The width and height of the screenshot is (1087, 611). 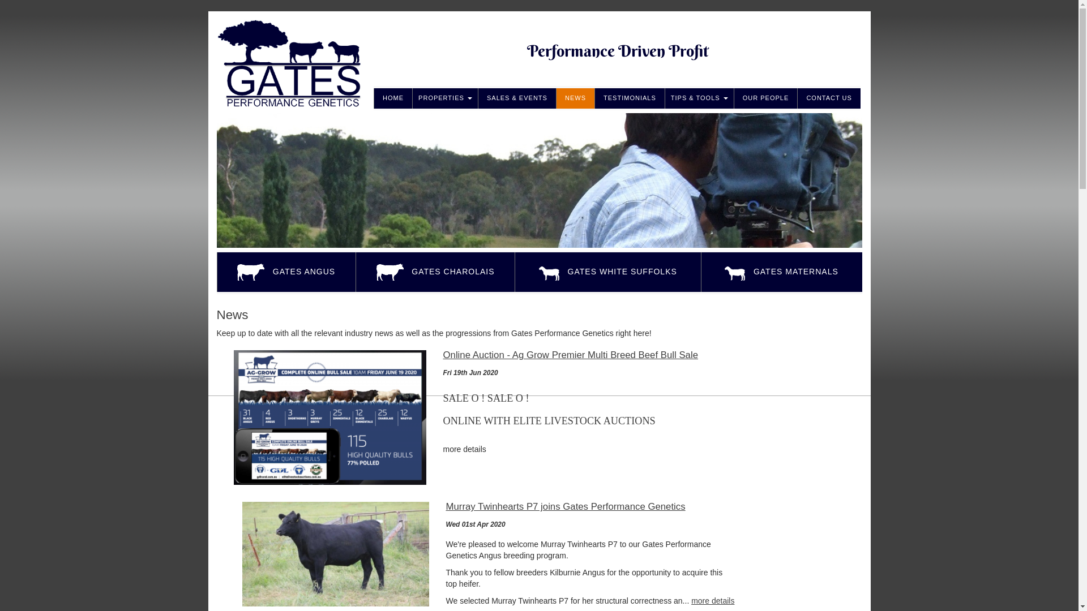 What do you see at coordinates (575, 97) in the screenshot?
I see `'NEWS'` at bounding box center [575, 97].